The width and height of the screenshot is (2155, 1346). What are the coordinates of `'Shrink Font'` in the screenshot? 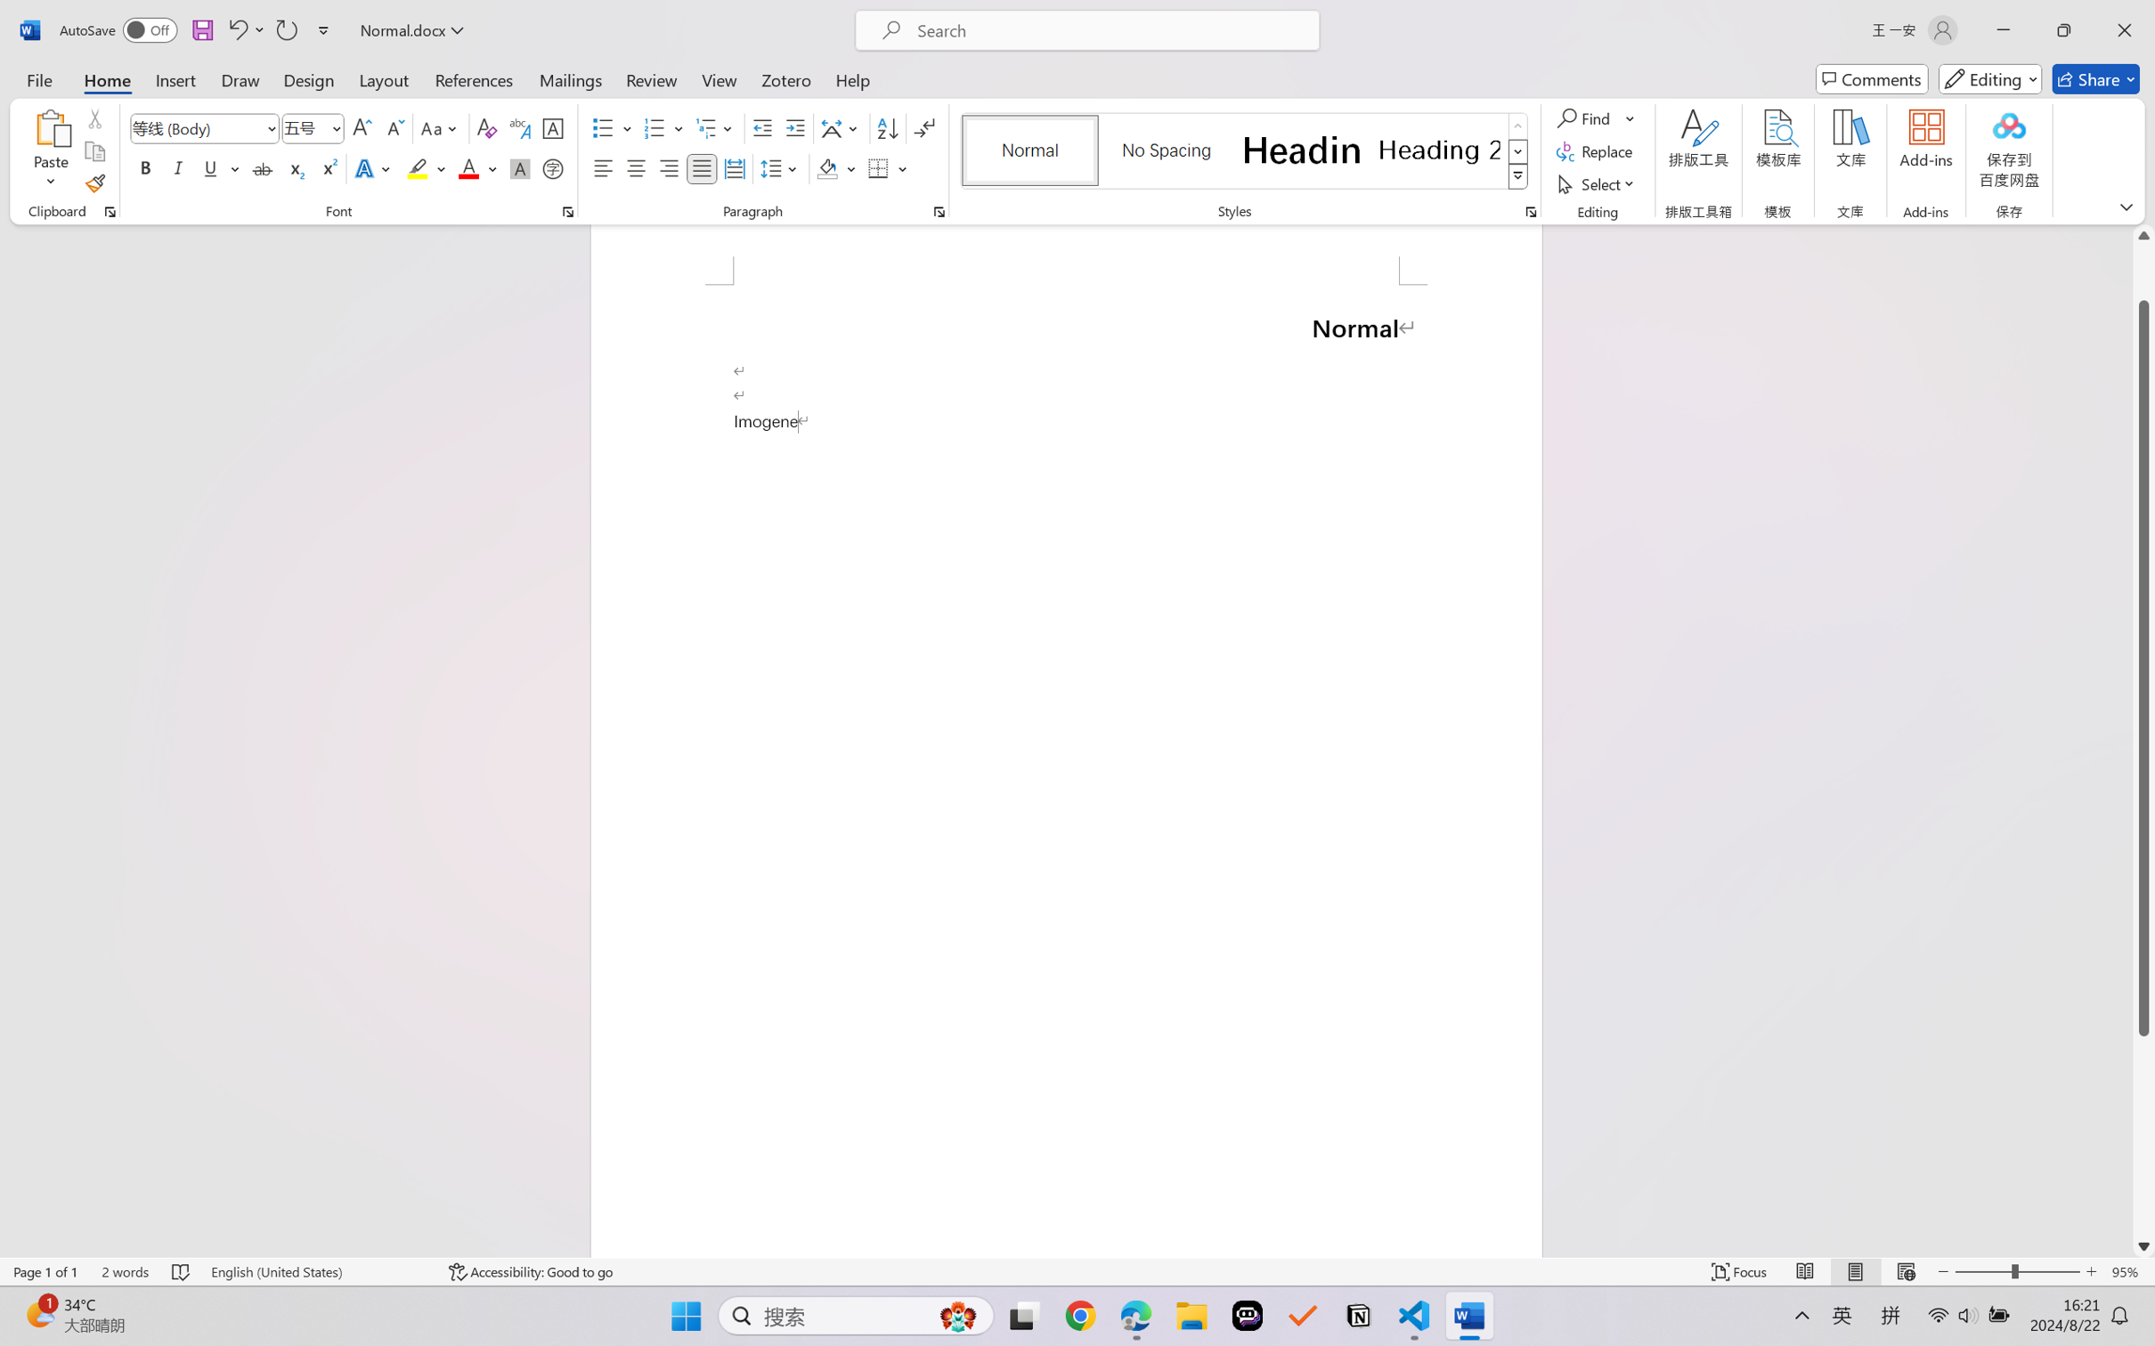 It's located at (393, 128).